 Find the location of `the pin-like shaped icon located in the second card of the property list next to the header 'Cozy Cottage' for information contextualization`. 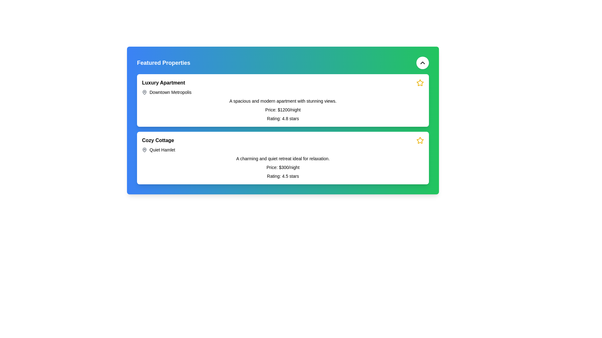

the pin-like shaped icon located in the second card of the property list next to the header 'Cozy Cottage' for information contextualization is located at coordinates (144, 150).